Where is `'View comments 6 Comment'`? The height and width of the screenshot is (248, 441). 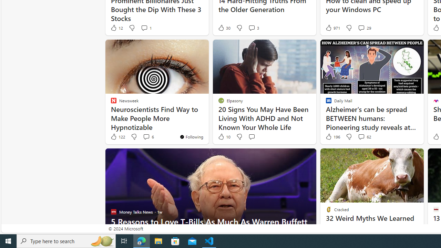
'View comments 6 Comment' is located at coordinates (146, 137).